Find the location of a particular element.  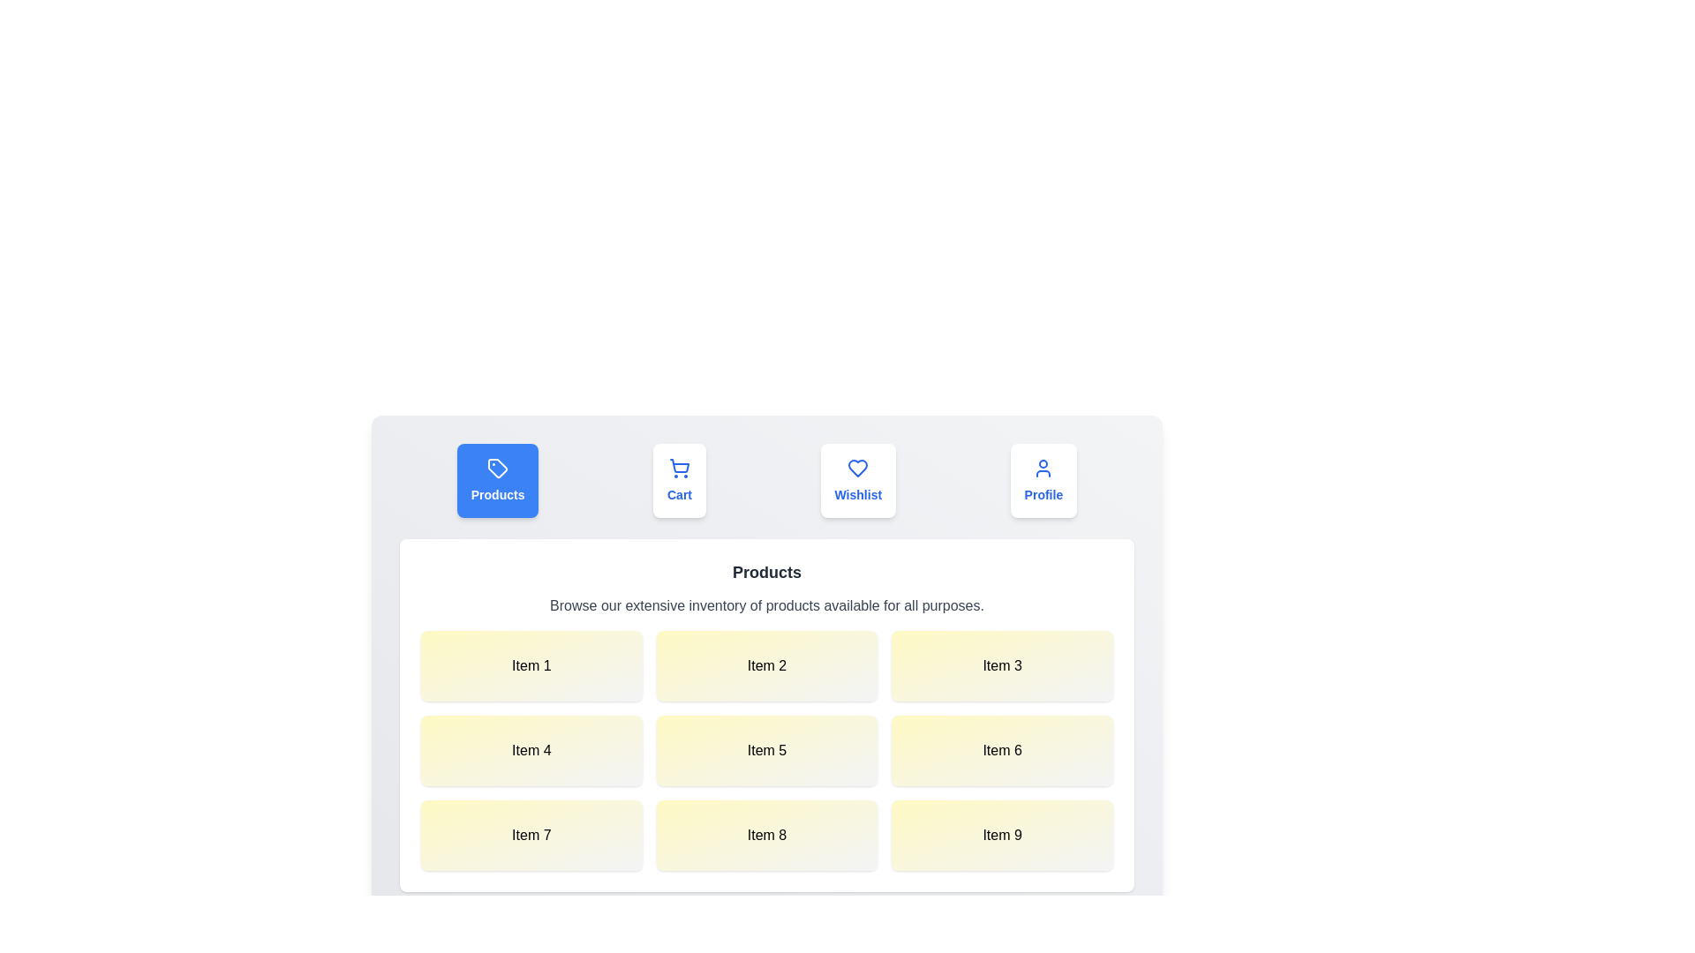

the tab labeled Cart to trigger its hover effect is located at coordinates (678, 480).